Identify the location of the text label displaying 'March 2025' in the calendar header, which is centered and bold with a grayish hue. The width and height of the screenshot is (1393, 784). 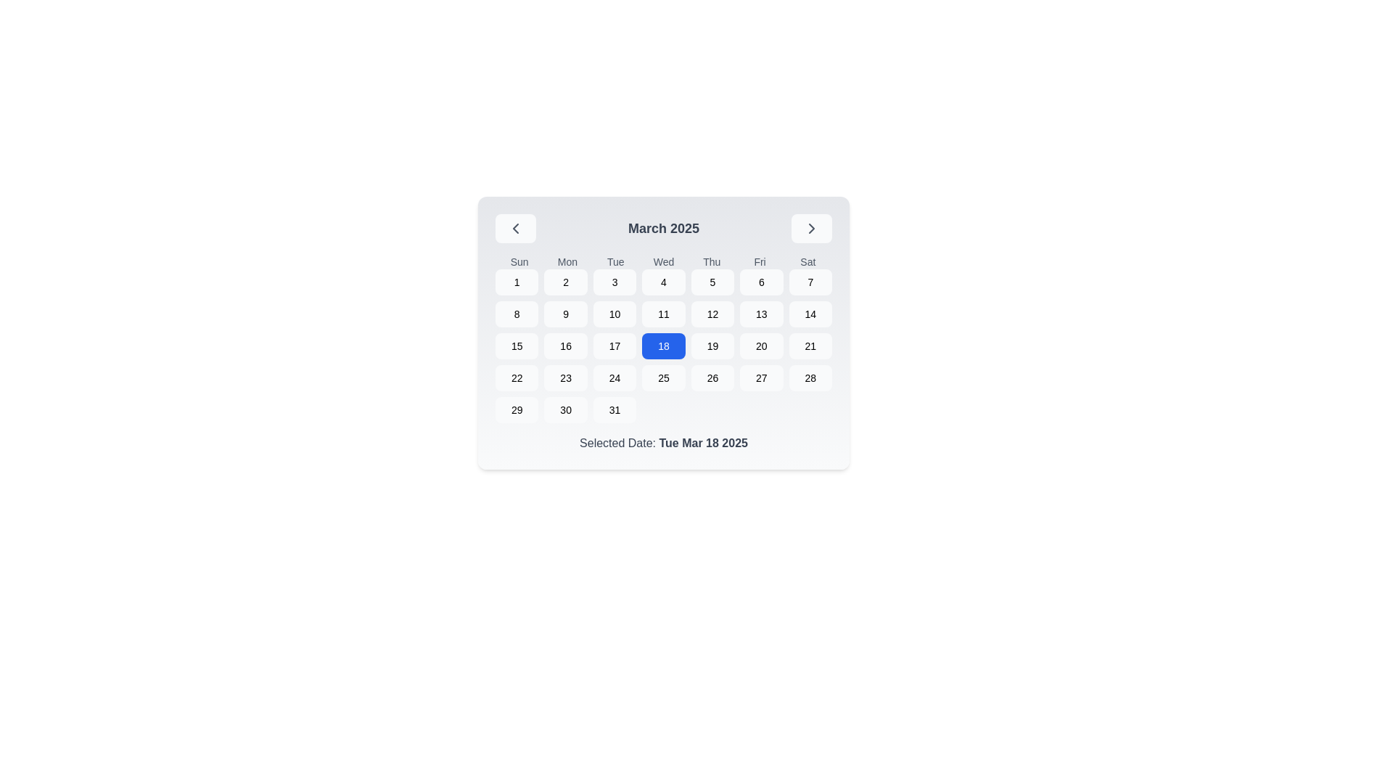
(663, 229).